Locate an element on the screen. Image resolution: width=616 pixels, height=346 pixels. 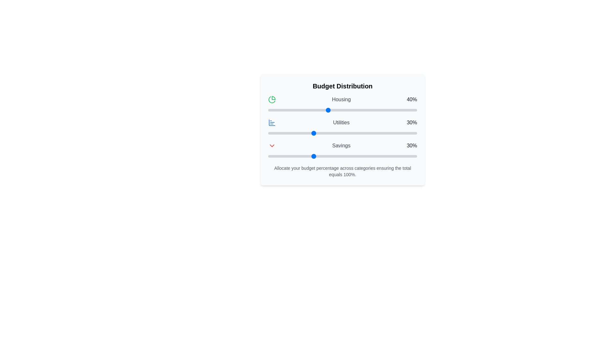
the text label displaying '30%' in a bold dark-gray font, located to the right of the label 'Utilities' is located at coordinates (412, 122).